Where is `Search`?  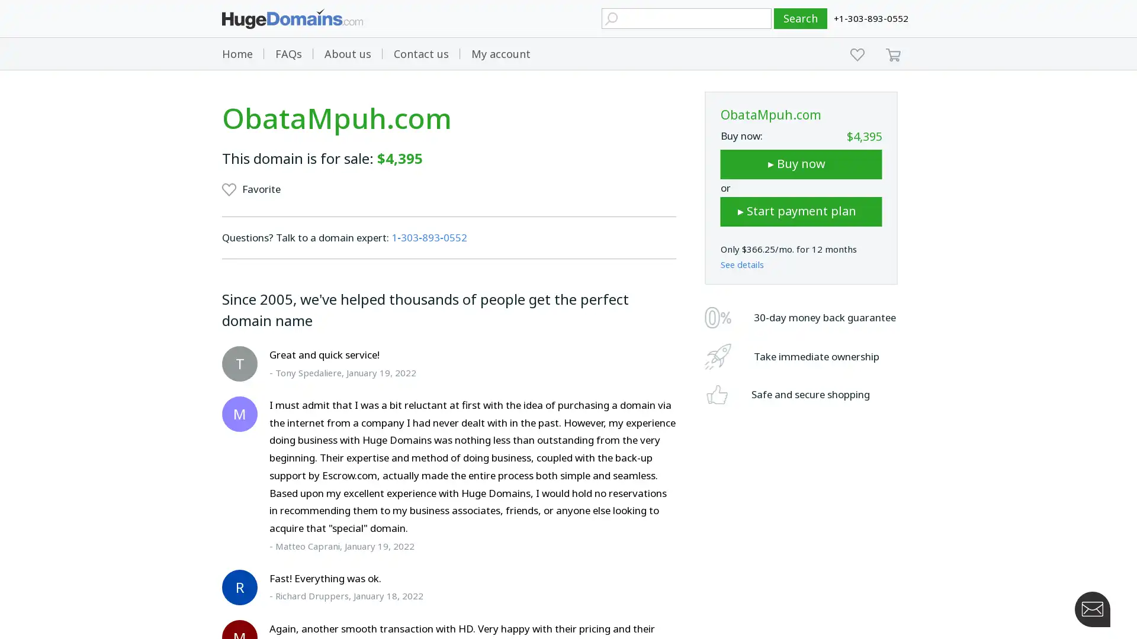
Search is located at coordinates (801, 18).